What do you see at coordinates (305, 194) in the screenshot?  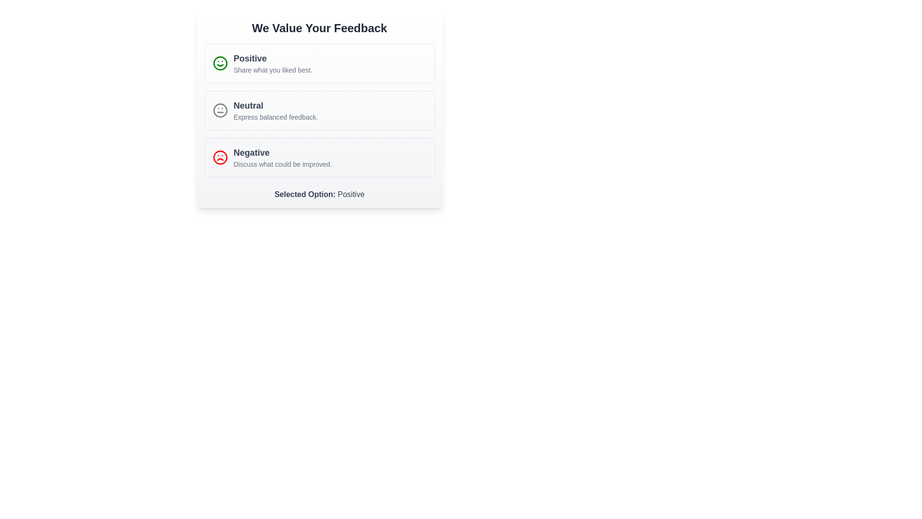 I see `the Text label that identifies or introduces the related content, located near the bottom of the interface under the feedback options` at bounding box center [305, 194].